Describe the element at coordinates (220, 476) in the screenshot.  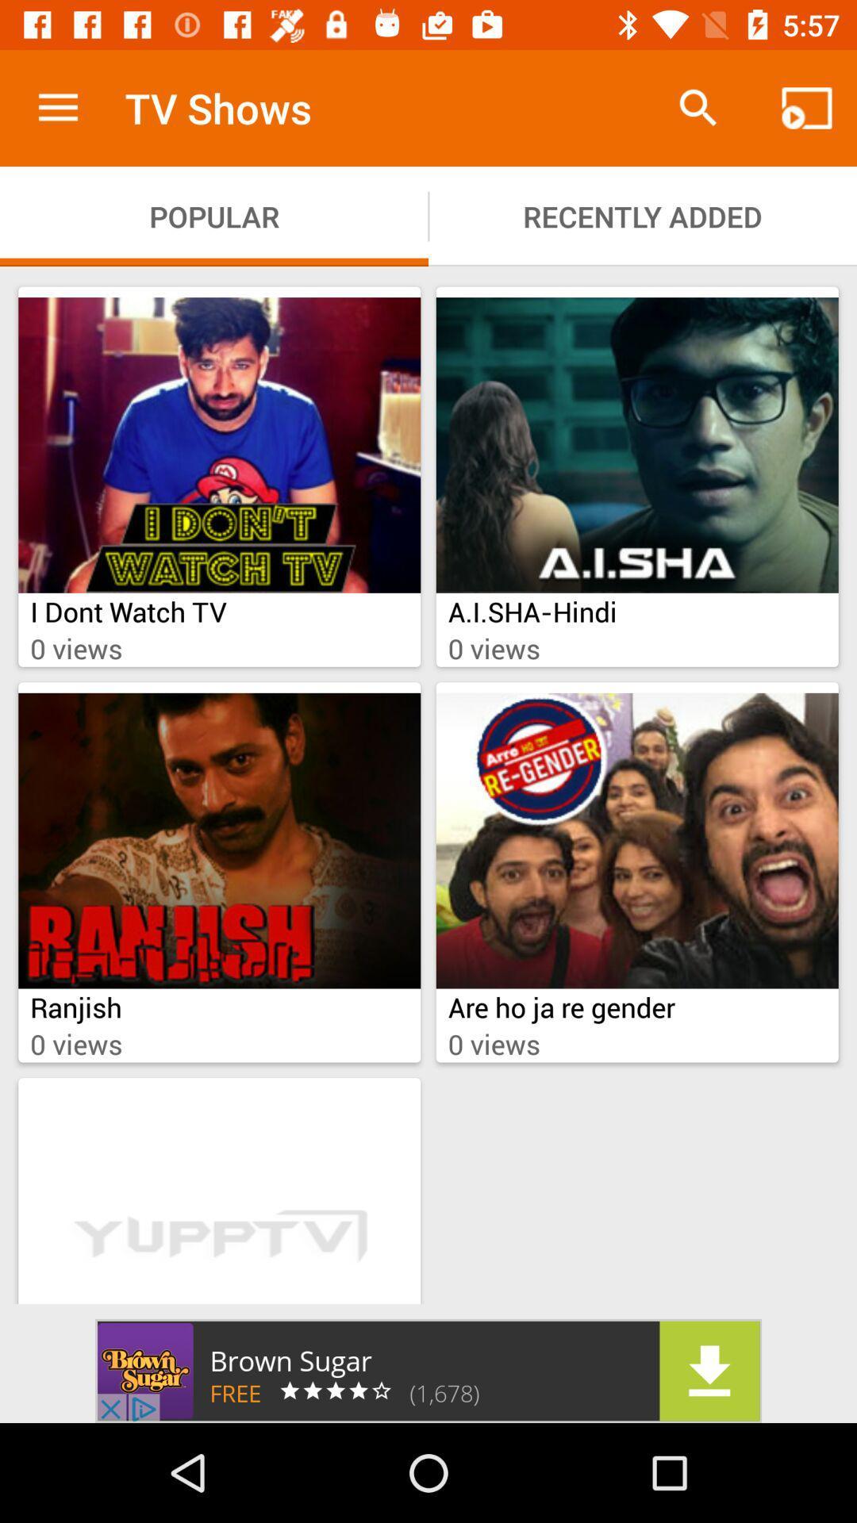
I see `the i dont watch tv show` at that location.